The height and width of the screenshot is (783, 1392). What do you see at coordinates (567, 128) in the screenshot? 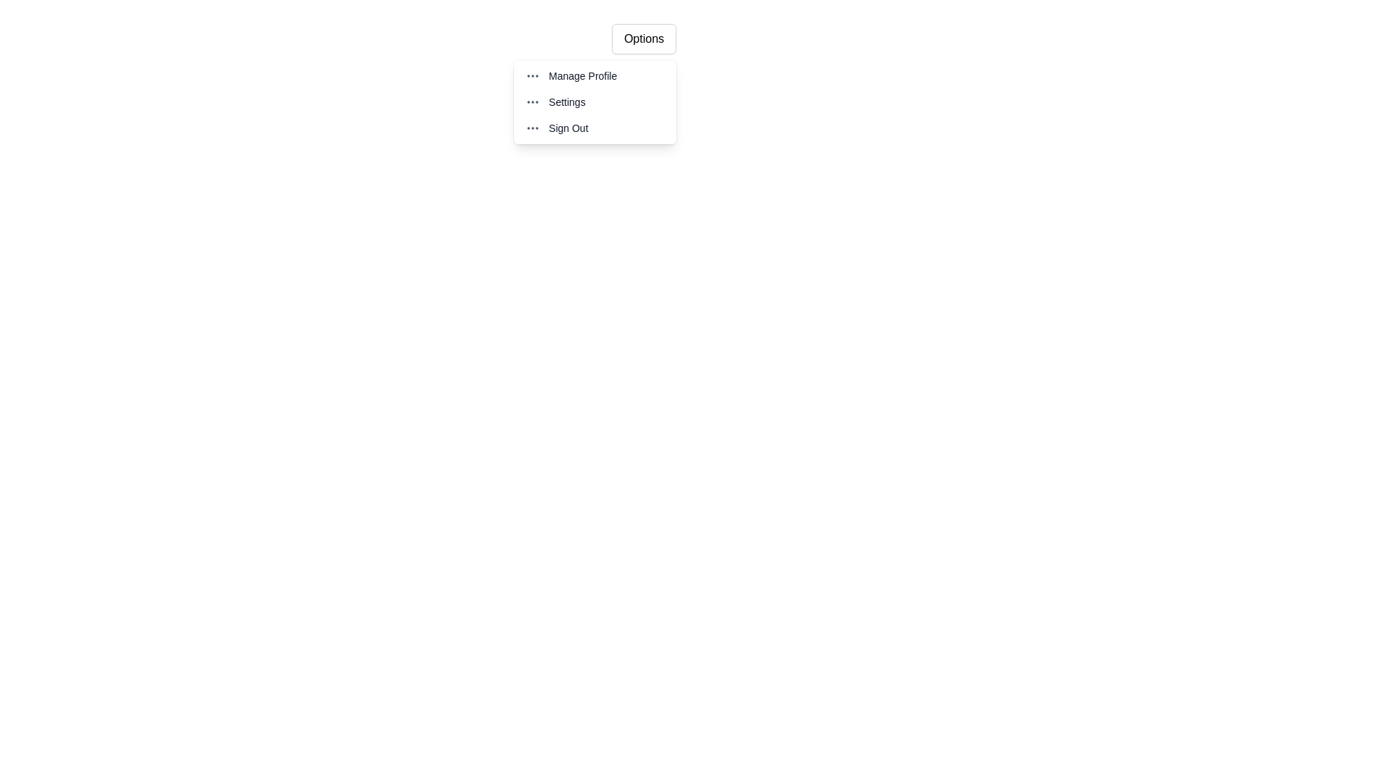
I see `the 'Sign Out' text label located at the bottom of the menu options to log out from the account` at bounding box center [567, 128].